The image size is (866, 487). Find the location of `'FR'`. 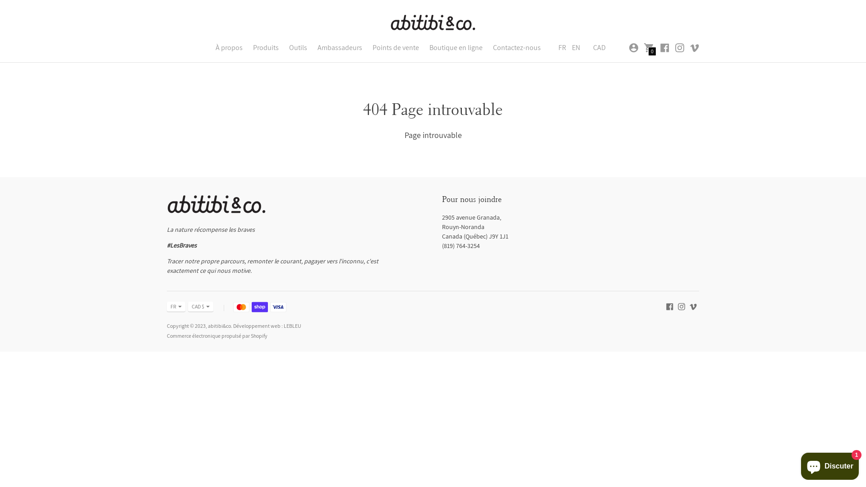

'FR' is located at coordinates (176, 306).